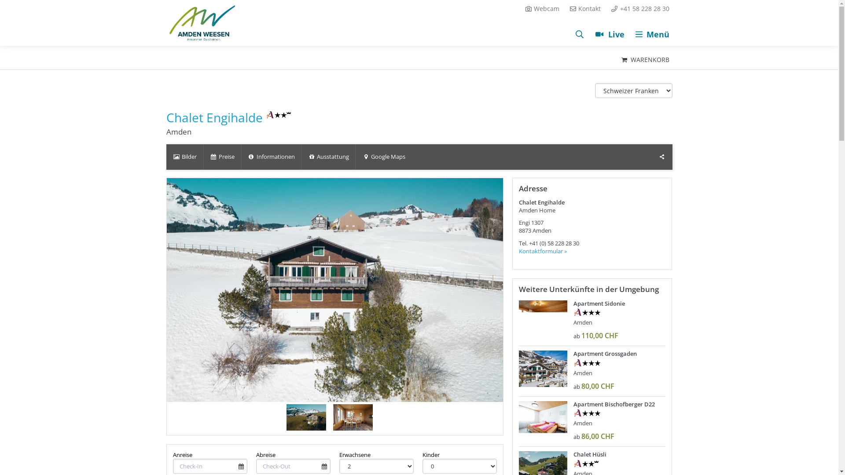 The height and width of the screenshot is (475, 845). Describe the element at coordinates (542, 9) in the screenshot. I see `'Webcam'` at that location.